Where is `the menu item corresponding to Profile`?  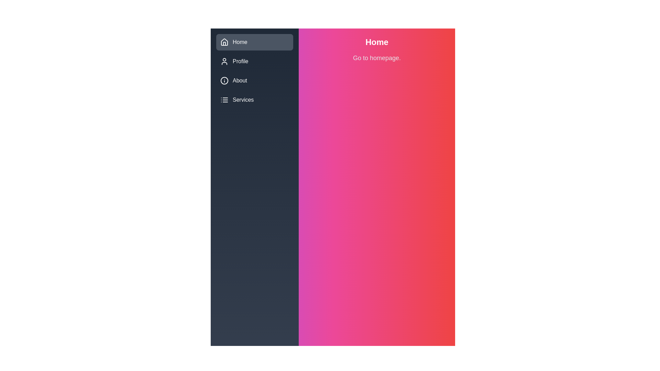
the menu item corresponding to Profile is located at coordinates (224, 61).